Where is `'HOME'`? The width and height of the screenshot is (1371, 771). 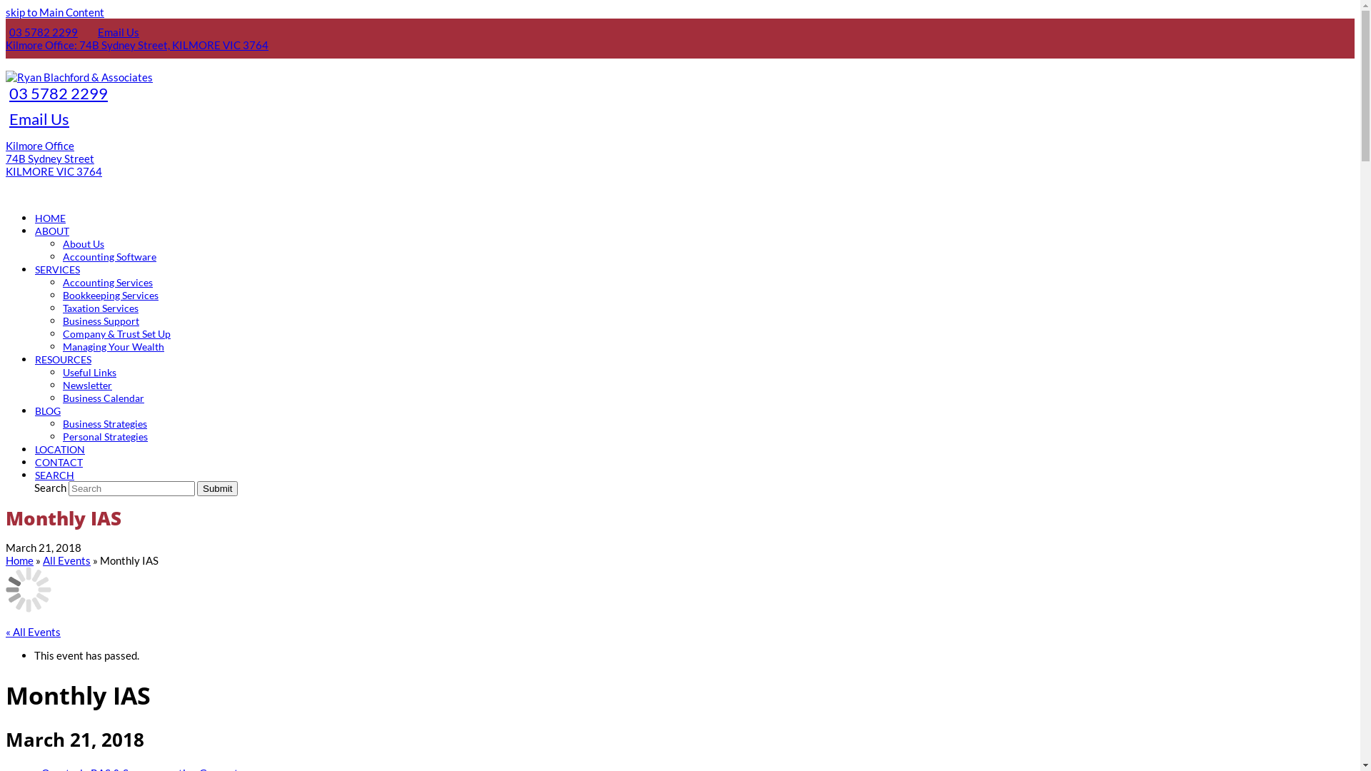
'HOME' is located at coordinates (34, 217).